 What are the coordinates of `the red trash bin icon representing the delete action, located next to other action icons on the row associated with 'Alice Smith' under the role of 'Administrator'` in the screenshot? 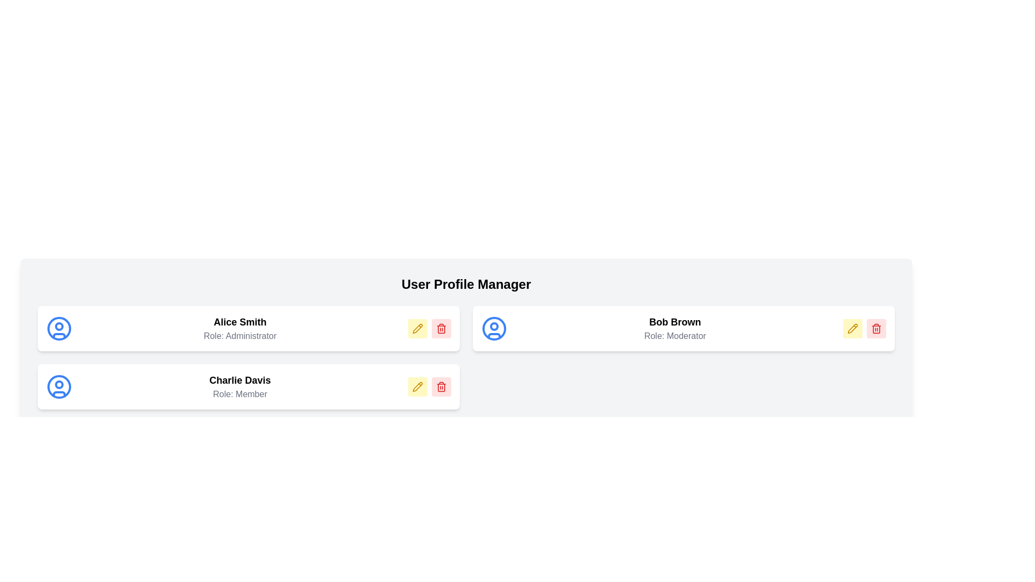 It's located at (441, 328).